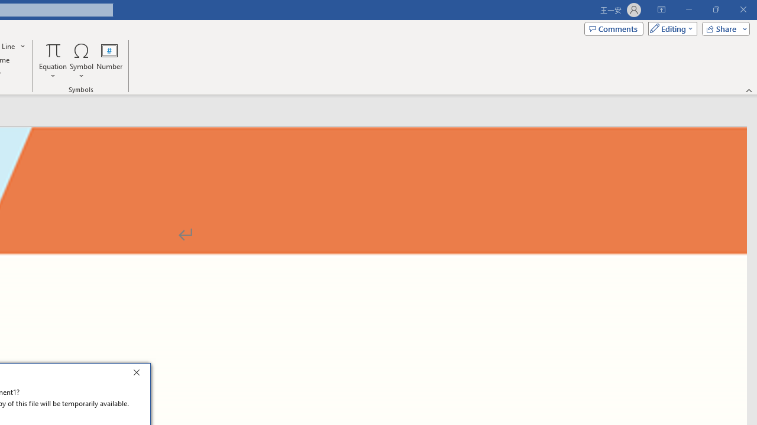 Image resolution: width=757 pixels, height=425 pixels. I want to click on 'Mode', so click(670, 28).